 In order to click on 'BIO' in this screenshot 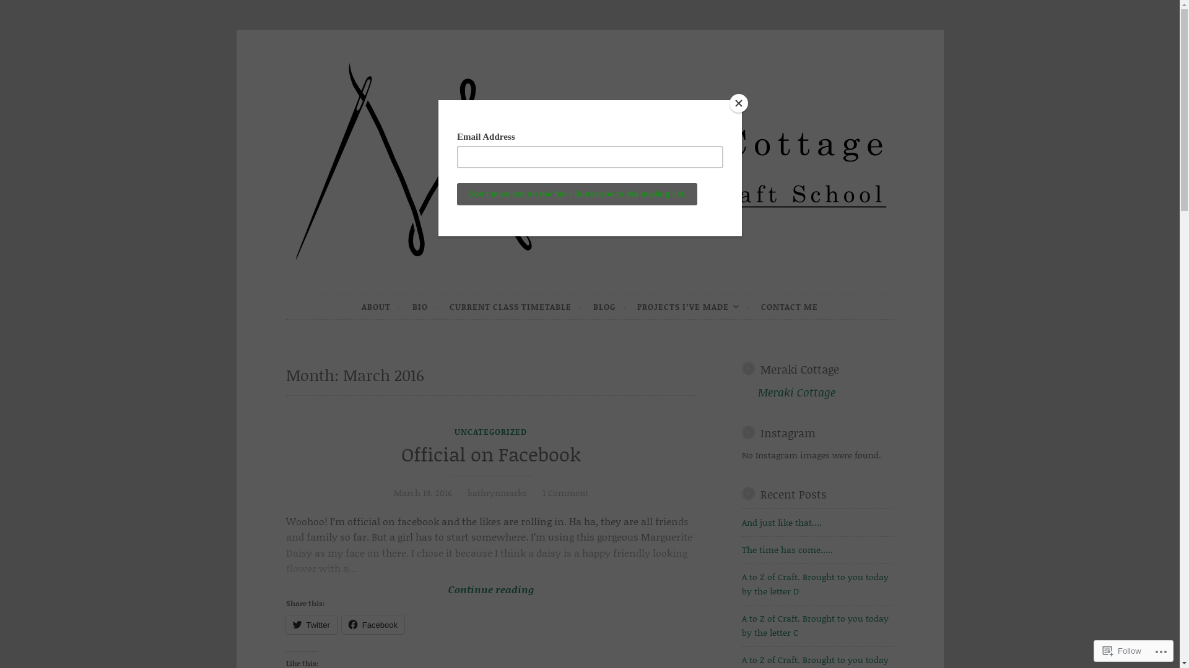, I will do `click(412, 306)`.